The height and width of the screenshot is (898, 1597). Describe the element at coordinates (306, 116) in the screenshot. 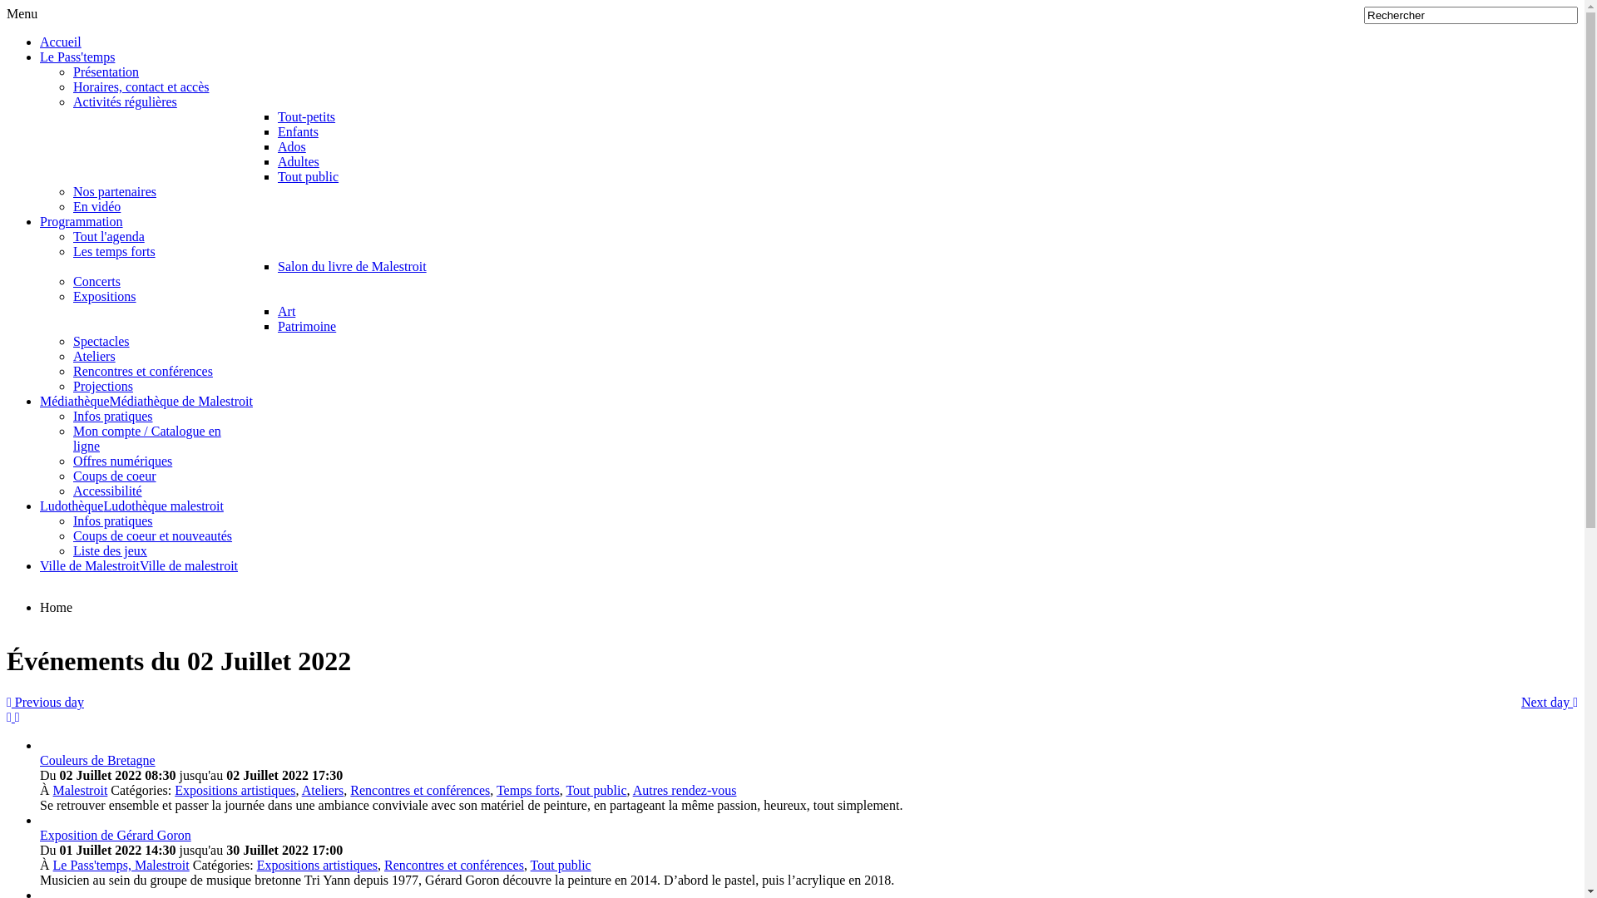

I see `'Tout-petits'` at that location.